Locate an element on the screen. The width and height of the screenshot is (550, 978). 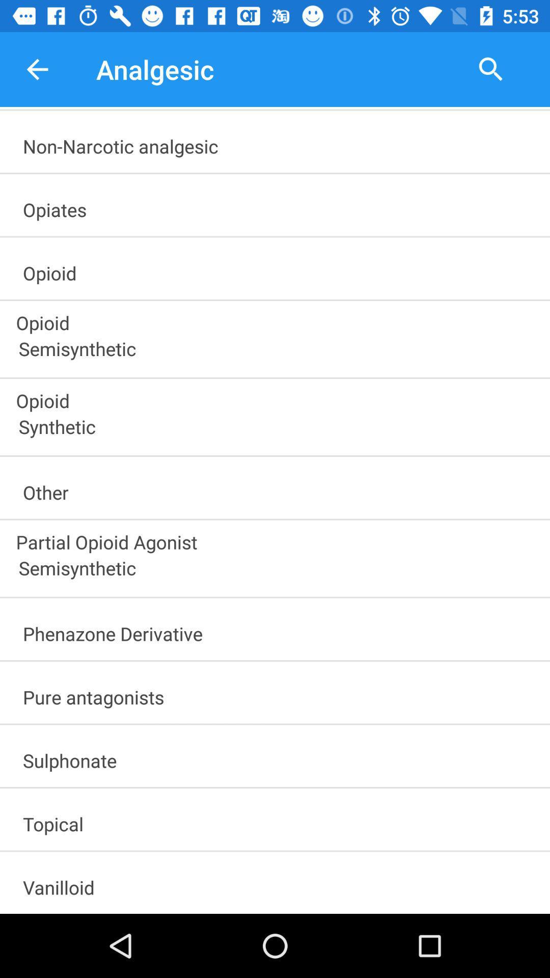
the sulphonate is located at coordinates (280, 757).